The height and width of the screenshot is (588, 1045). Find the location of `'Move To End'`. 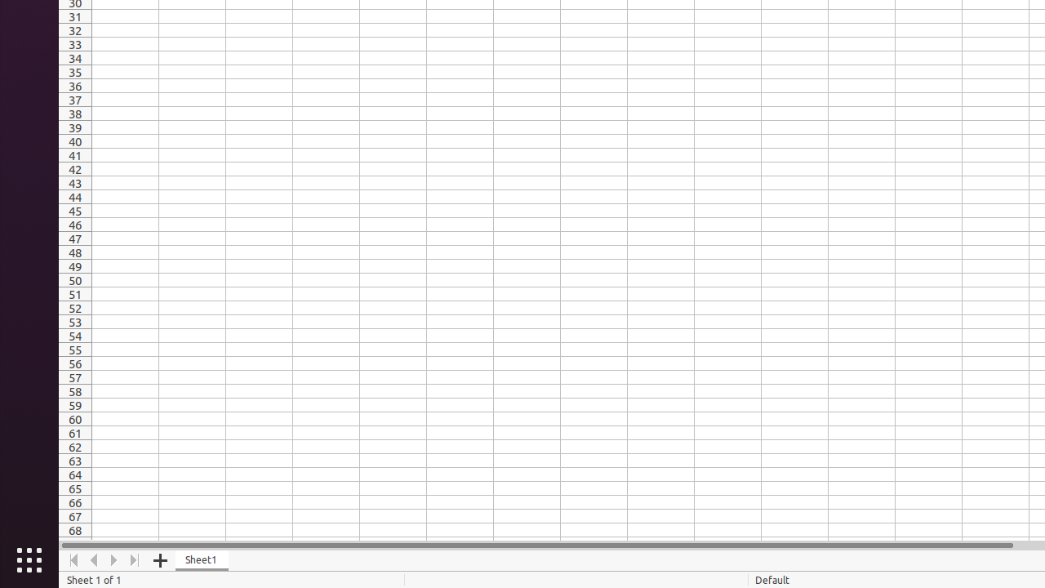

'Move To End' is located at coordinates (135, 559).